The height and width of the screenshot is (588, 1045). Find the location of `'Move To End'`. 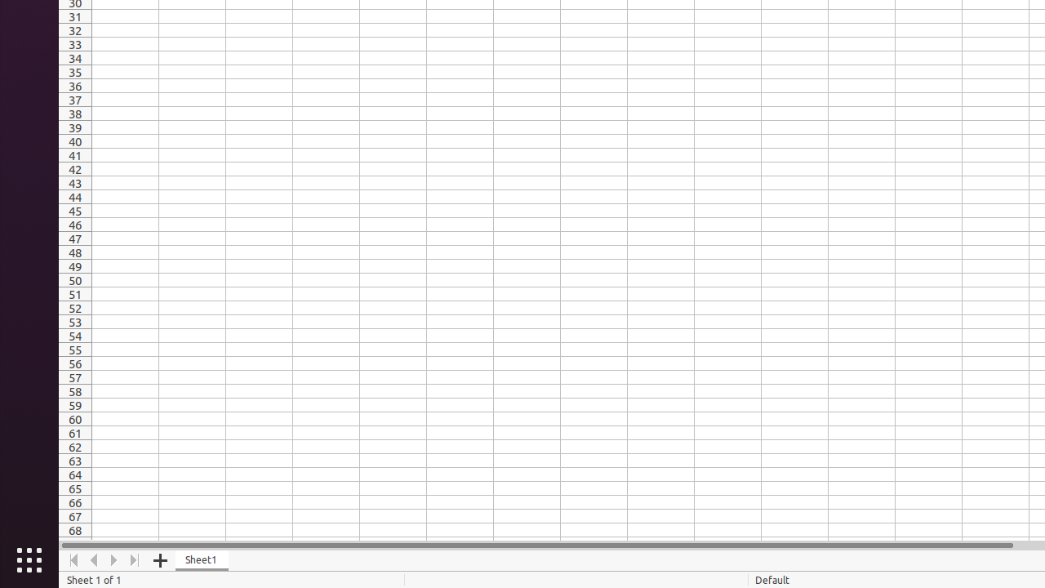

'Move To End' is located at coordinates (135, 559).